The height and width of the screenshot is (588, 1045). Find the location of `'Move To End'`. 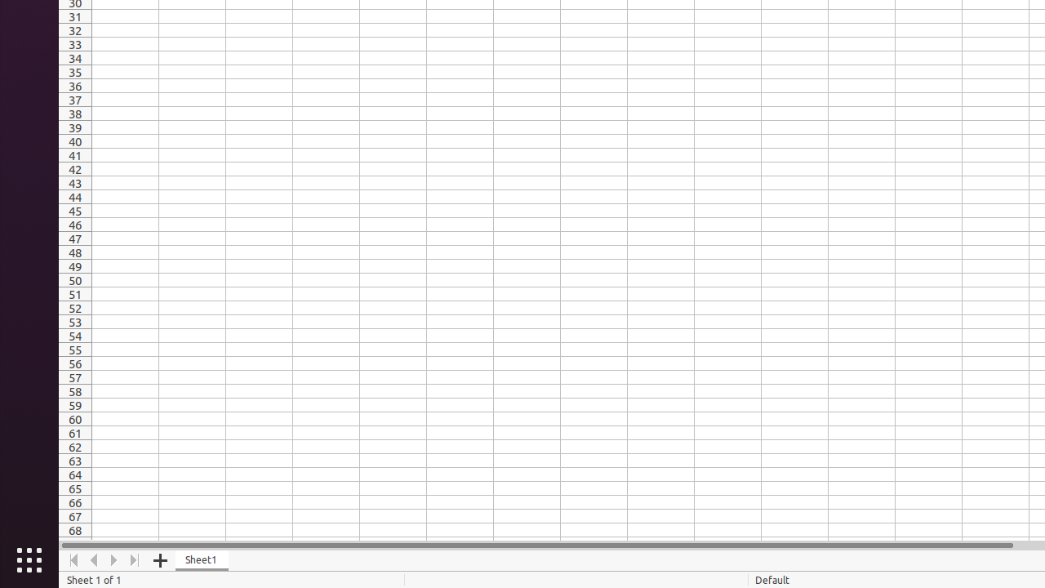

'Move To End' is located at coordinates (135, 559).